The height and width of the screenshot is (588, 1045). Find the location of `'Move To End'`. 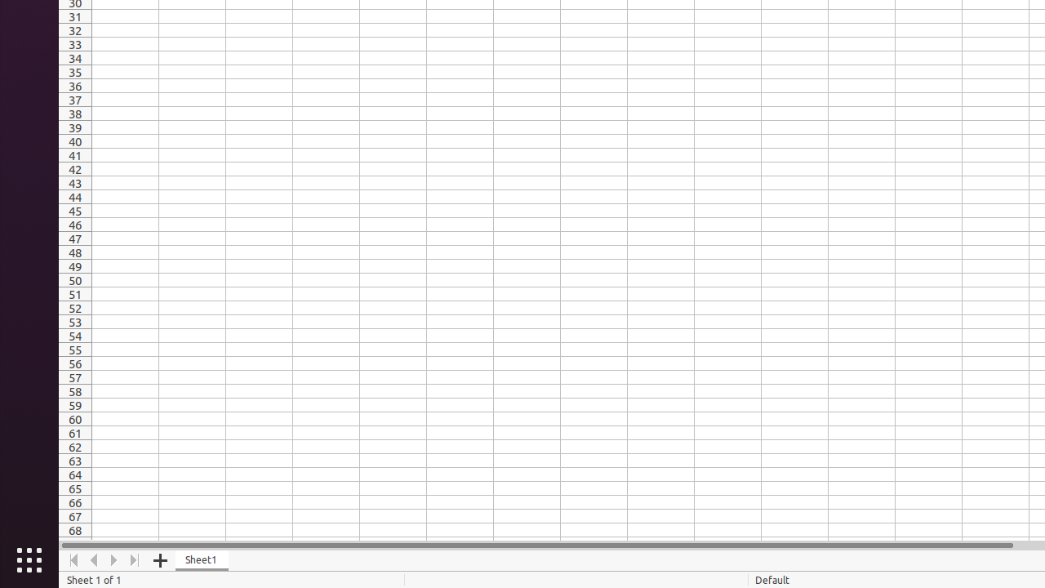

'Move To End' is located at coordinates (135, 559).